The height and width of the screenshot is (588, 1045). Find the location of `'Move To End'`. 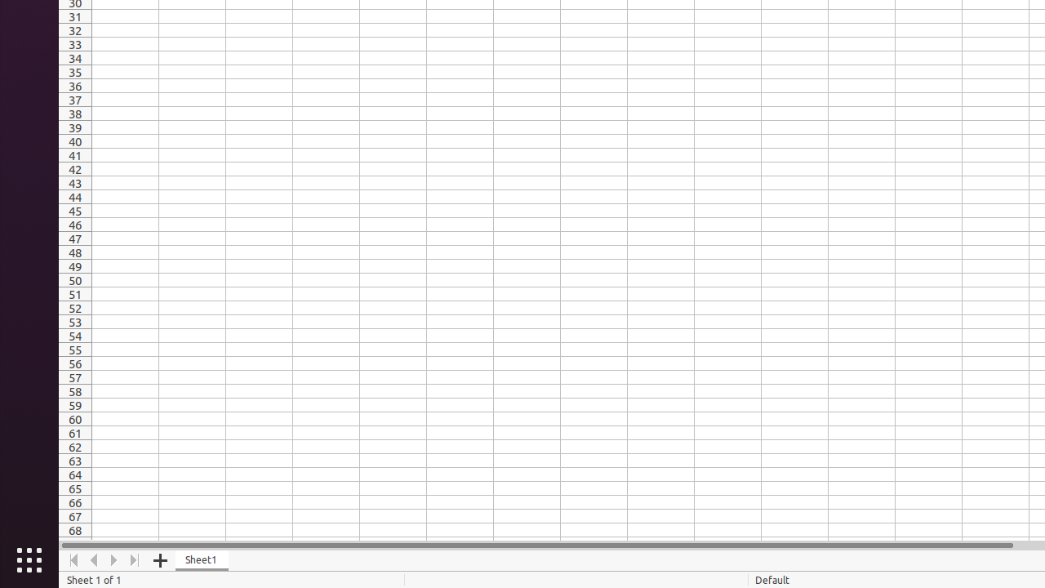

'Move To End' is located at coordinates (135, 559).